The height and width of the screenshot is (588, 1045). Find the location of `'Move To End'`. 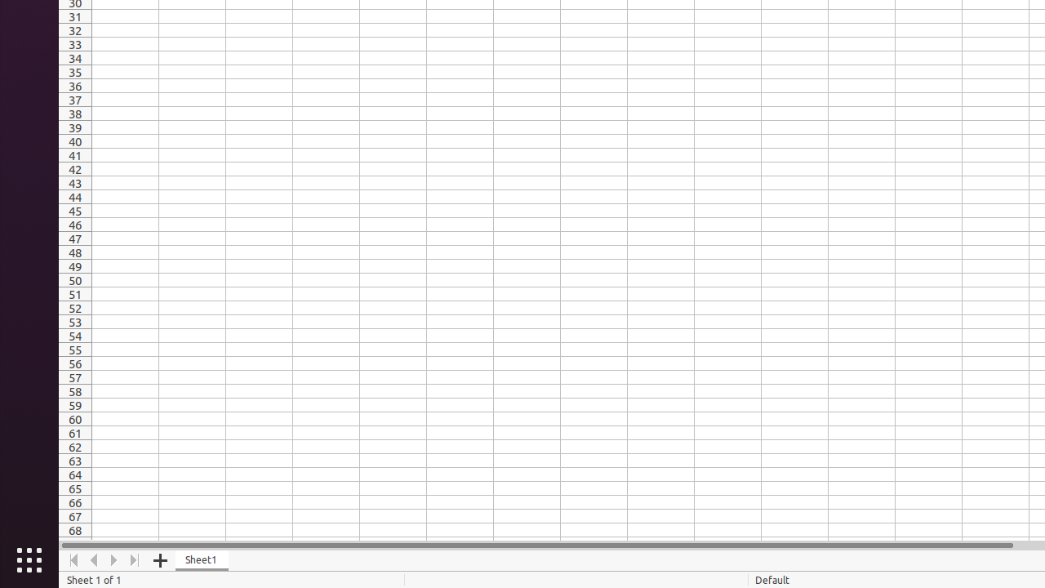

'Move To End' is located at coordinates (135, 559).